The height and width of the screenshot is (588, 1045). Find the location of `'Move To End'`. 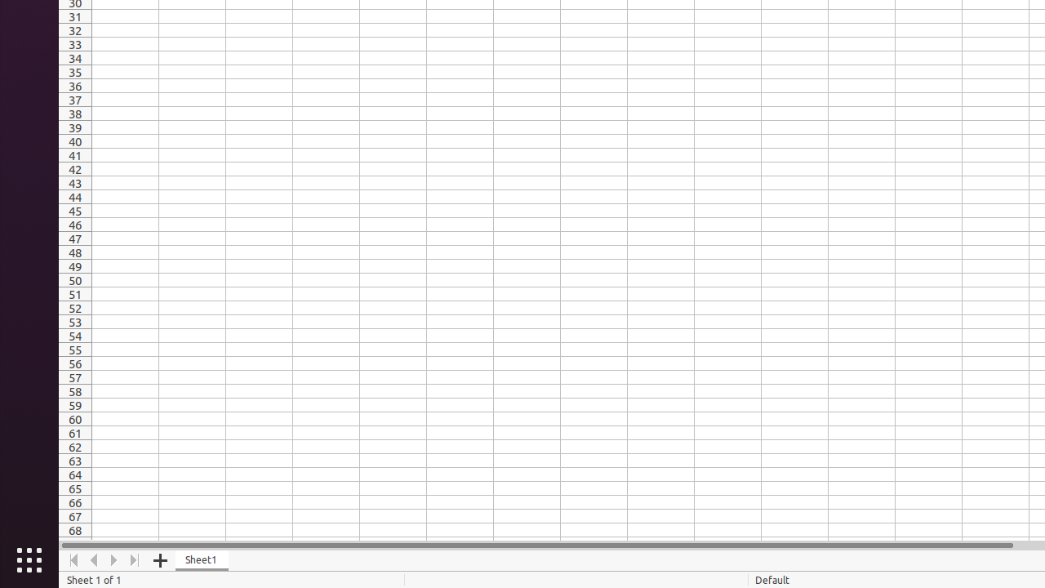

'Move To End' is located at coordinates (135, 559).